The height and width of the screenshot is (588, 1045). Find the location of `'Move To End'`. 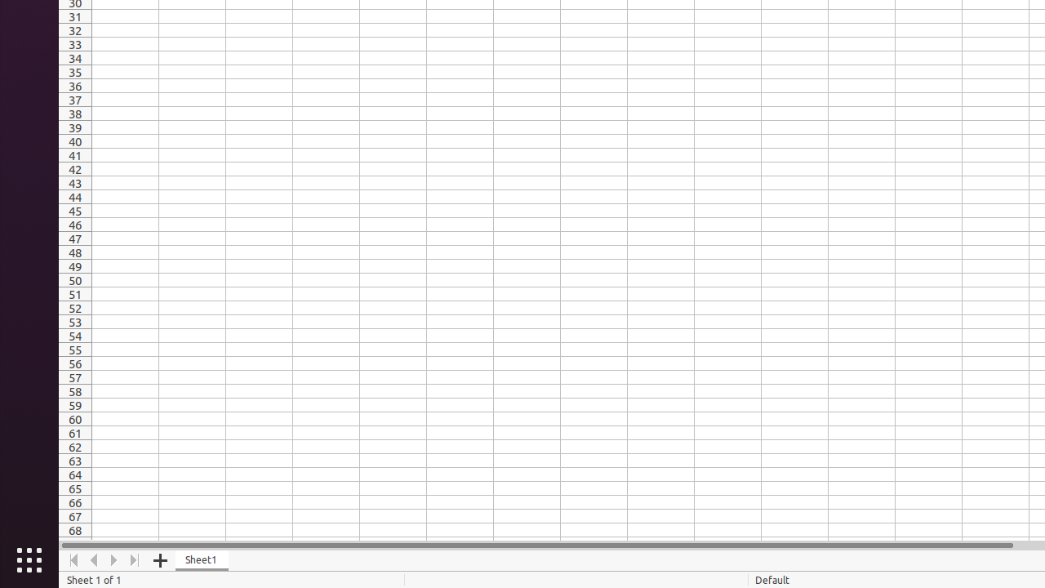

'Move To End' is located at coordinates (135, 559).